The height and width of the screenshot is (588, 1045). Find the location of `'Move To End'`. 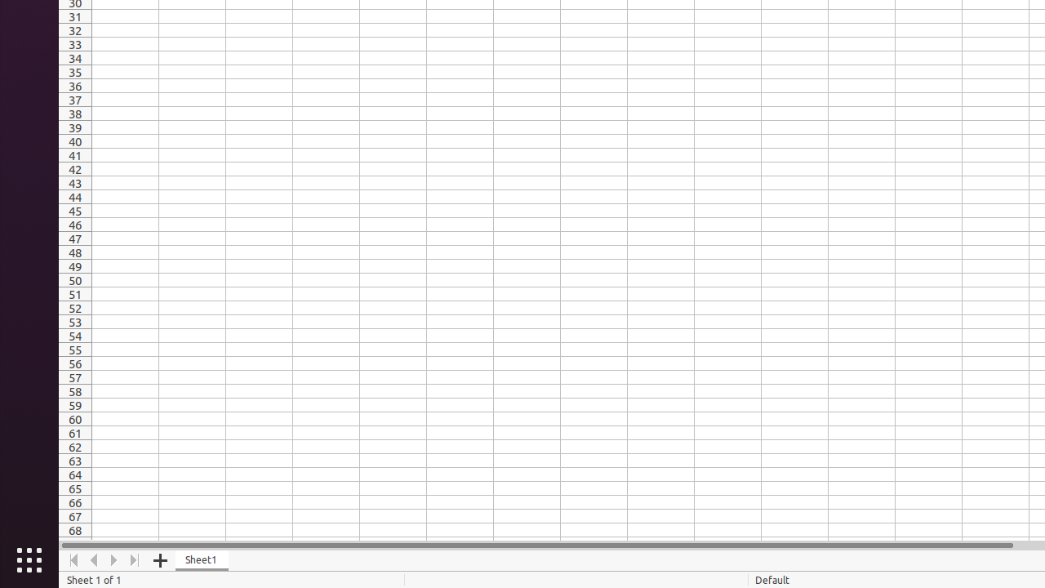

'Move To End' is located at coordinates (135, 559).